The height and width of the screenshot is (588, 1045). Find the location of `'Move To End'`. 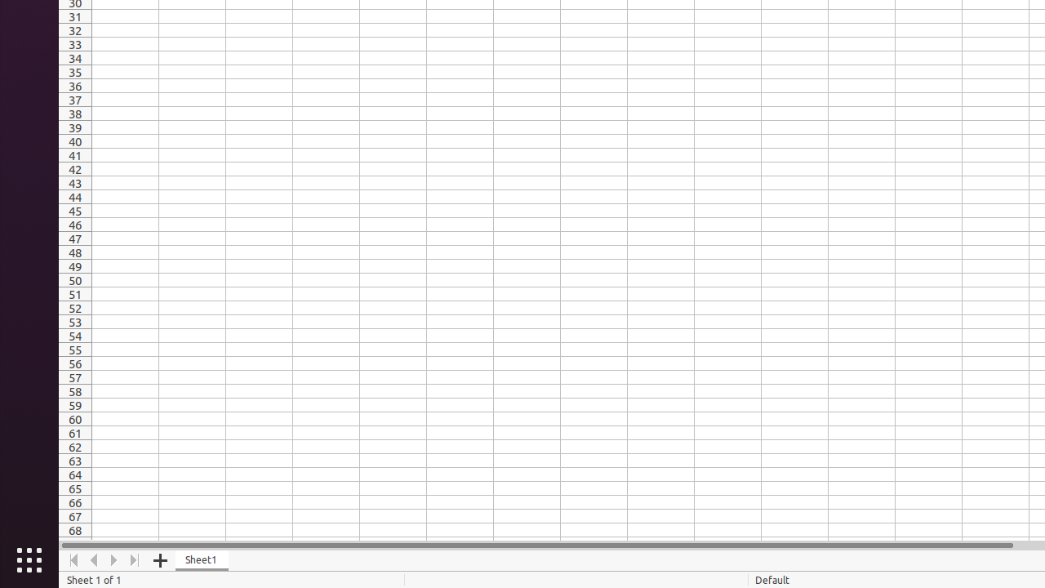

'Move To End' is located at coordinates (135, 559).